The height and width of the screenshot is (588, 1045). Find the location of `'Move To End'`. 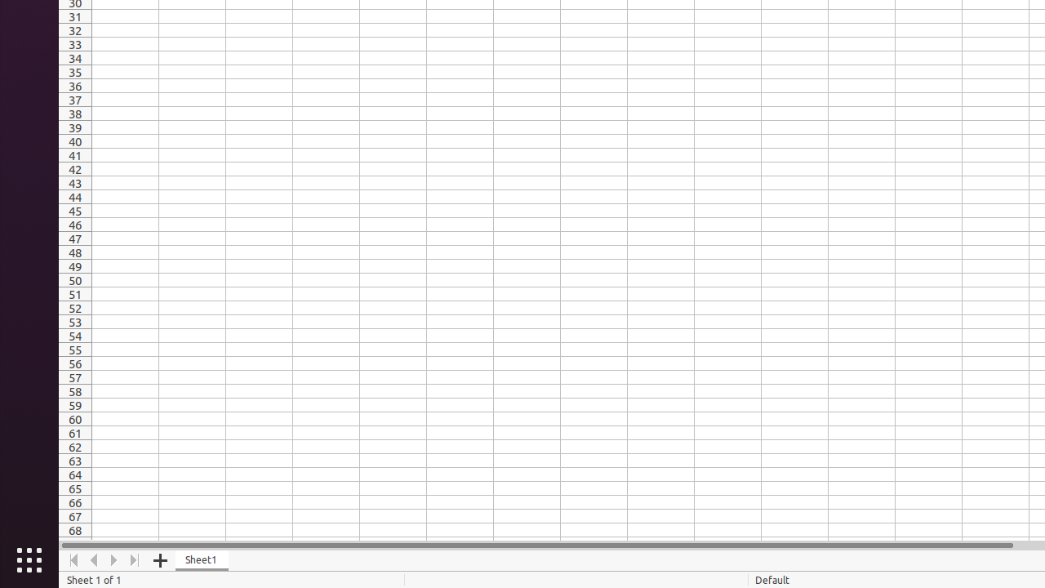

'Move To End' is located at coordinates (135, 559).